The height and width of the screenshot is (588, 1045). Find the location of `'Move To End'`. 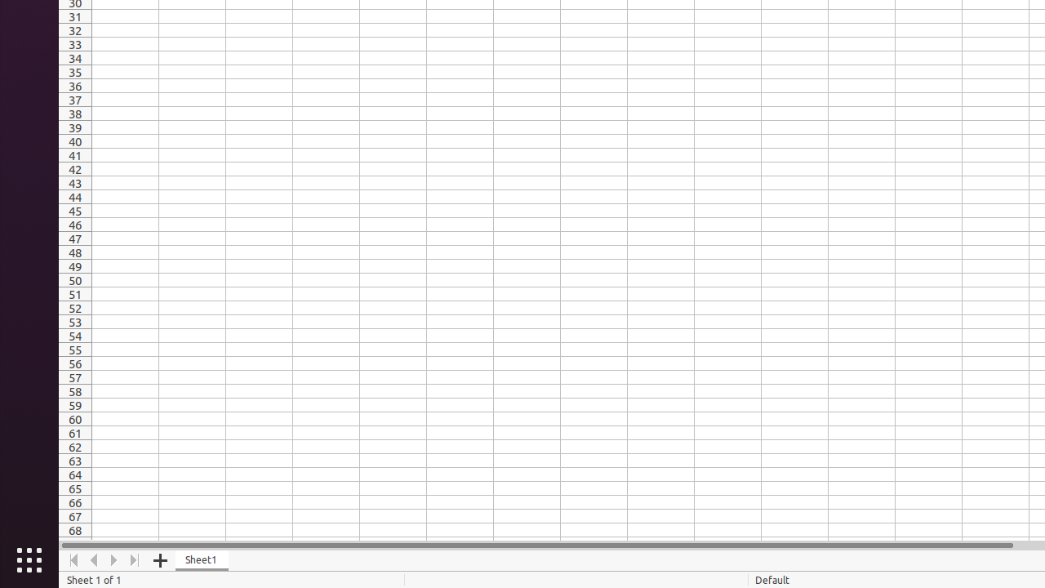

'Move To End' is located at coordinates (135, 559).